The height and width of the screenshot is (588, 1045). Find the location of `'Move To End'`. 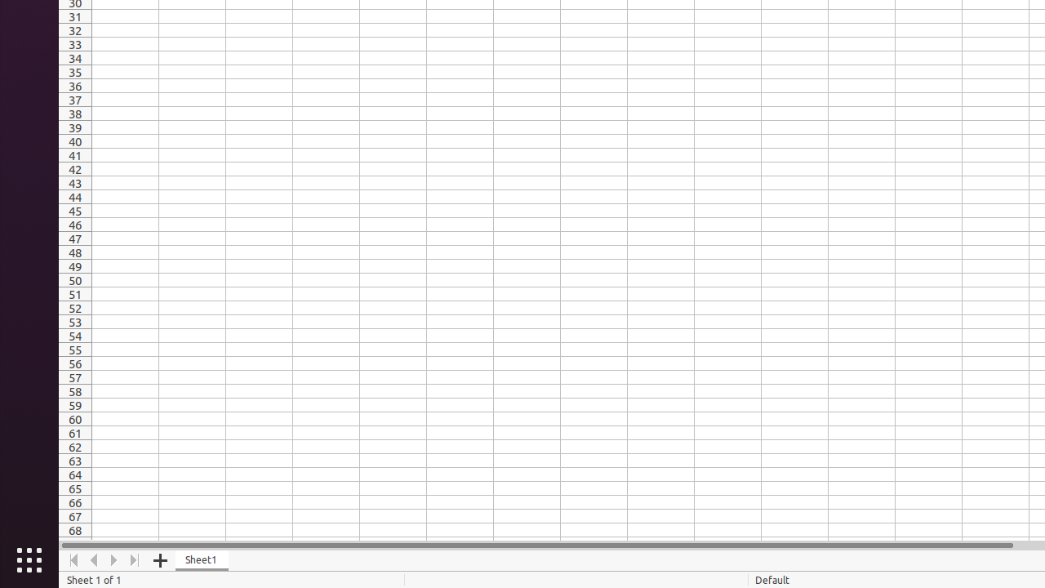

'Move To End' is located at coordinates (135, 559).